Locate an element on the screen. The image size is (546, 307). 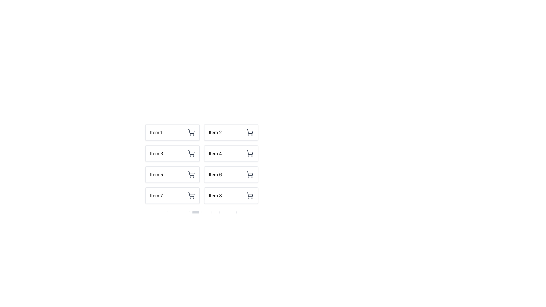
the text label in the top-left corner of the card that identifies the item, which is located beside a shopping cart icon is located at coordinates (156, 132).